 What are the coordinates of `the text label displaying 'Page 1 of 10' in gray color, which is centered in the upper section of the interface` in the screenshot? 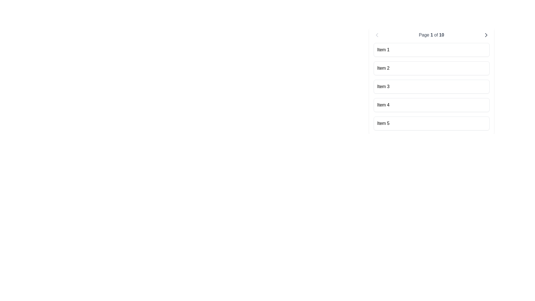 It's located at (431, 35).